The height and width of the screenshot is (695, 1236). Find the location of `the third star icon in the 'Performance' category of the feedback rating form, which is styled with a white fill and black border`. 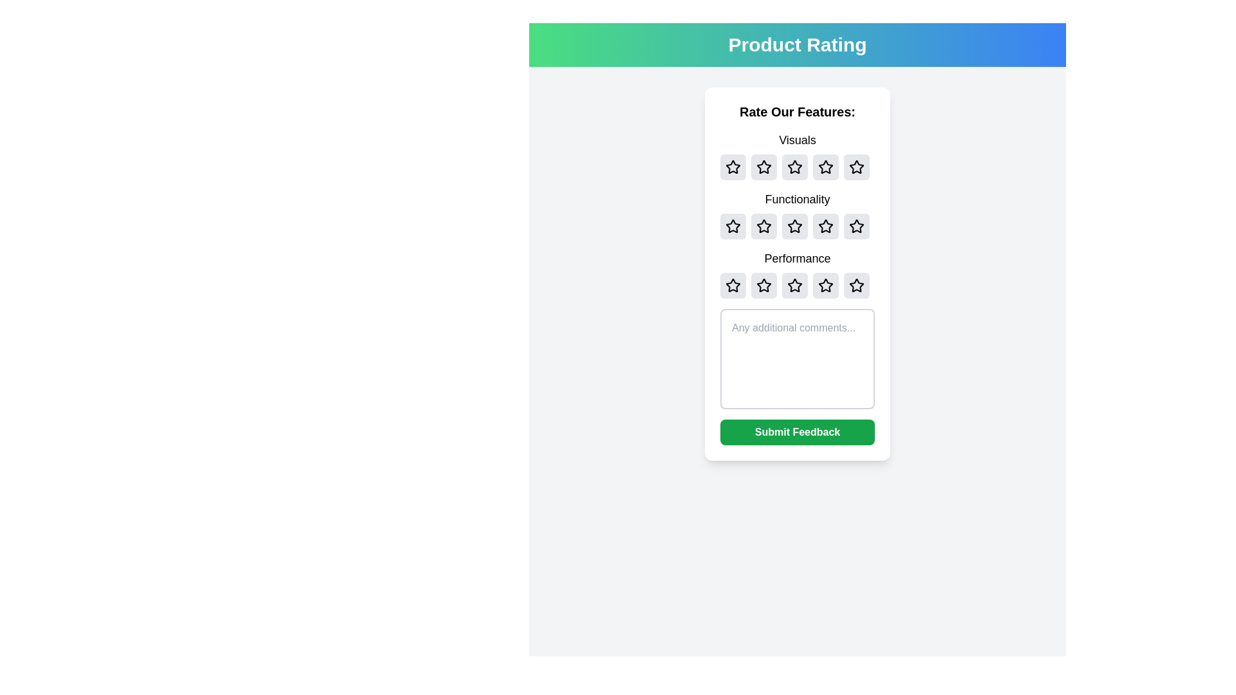

the third star icon in the 'Performance' category of the feedback rating form, which is styled with a white fill and black border is located at coordinates (794, 284).